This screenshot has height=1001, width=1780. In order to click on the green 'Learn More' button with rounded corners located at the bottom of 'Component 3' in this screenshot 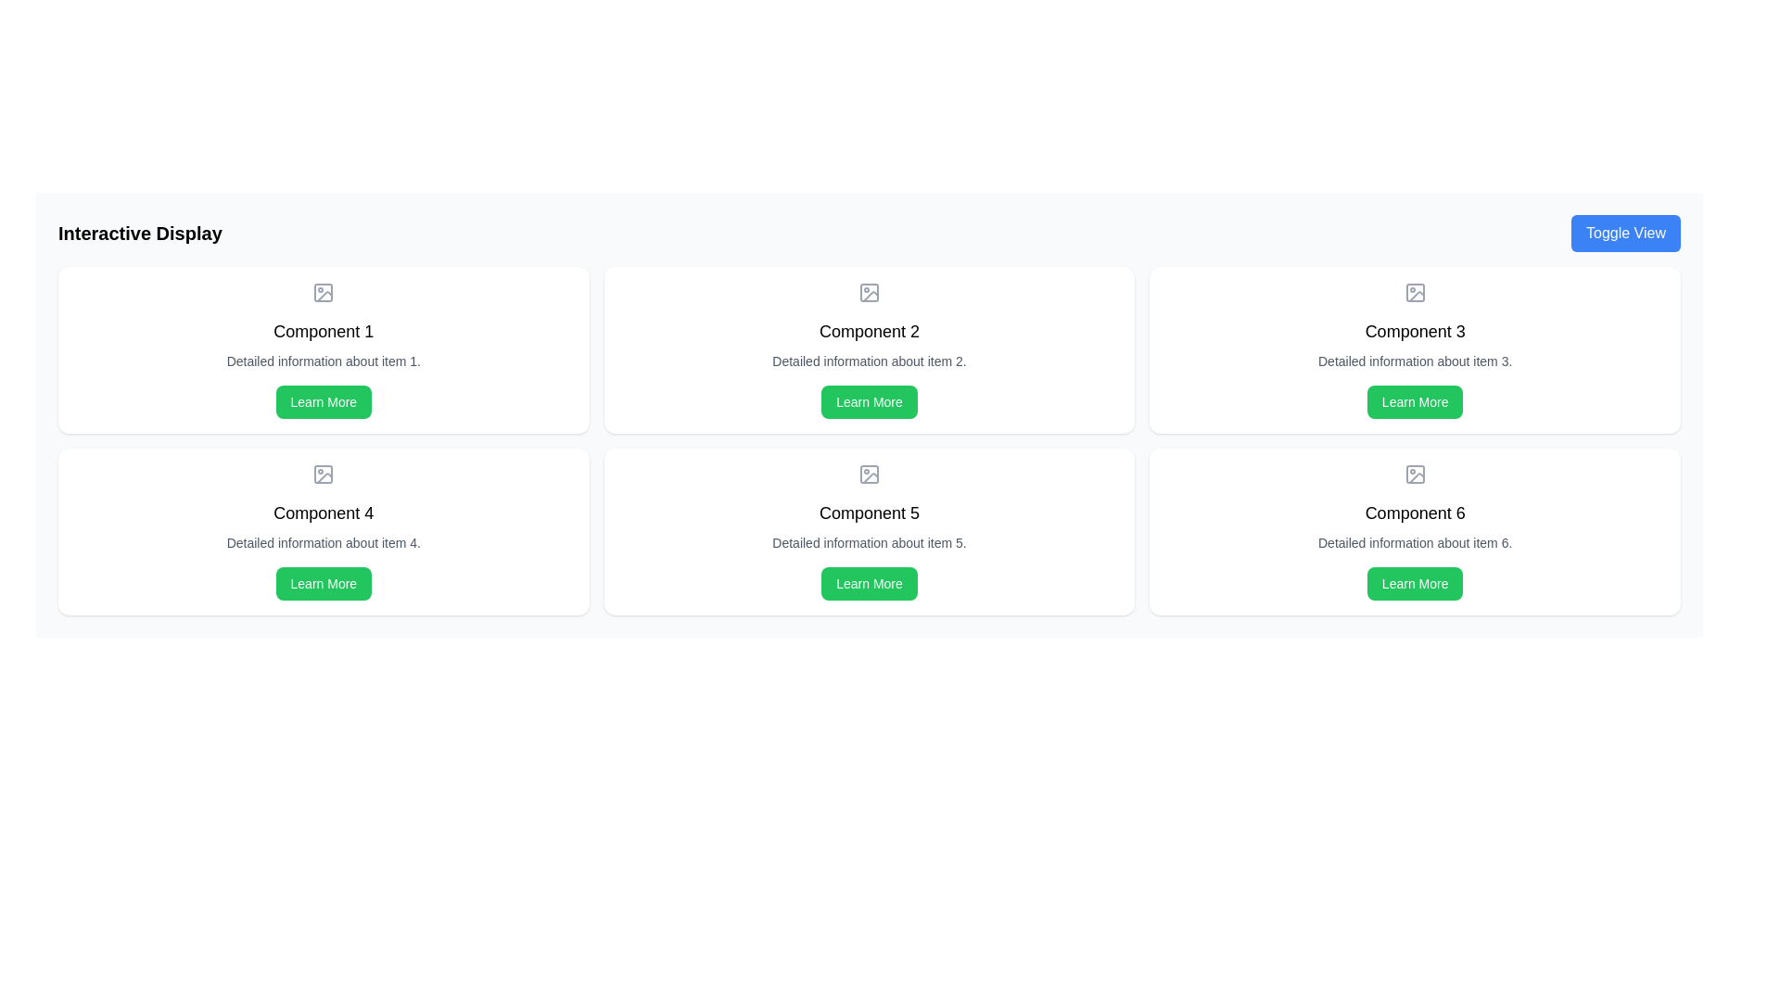, I will do `click(1414, 401)`.